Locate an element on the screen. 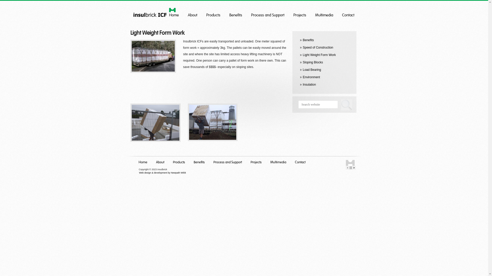 The width and height of the screenshot is (492, 276). 'About' is located at coordinates (187, 14).